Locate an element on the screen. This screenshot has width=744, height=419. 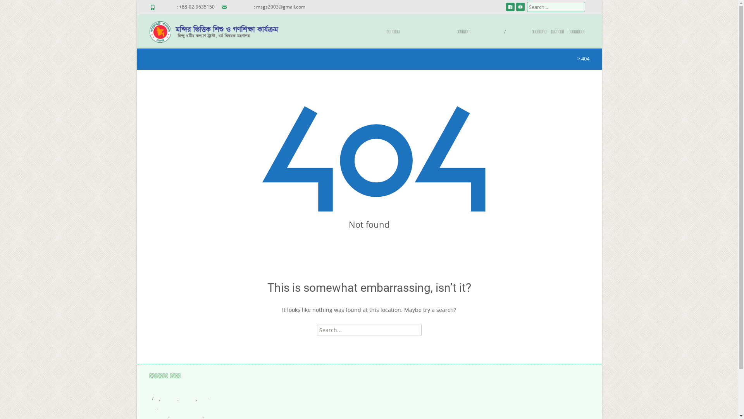
'Skip to content' is located at coordinates (322, 19).